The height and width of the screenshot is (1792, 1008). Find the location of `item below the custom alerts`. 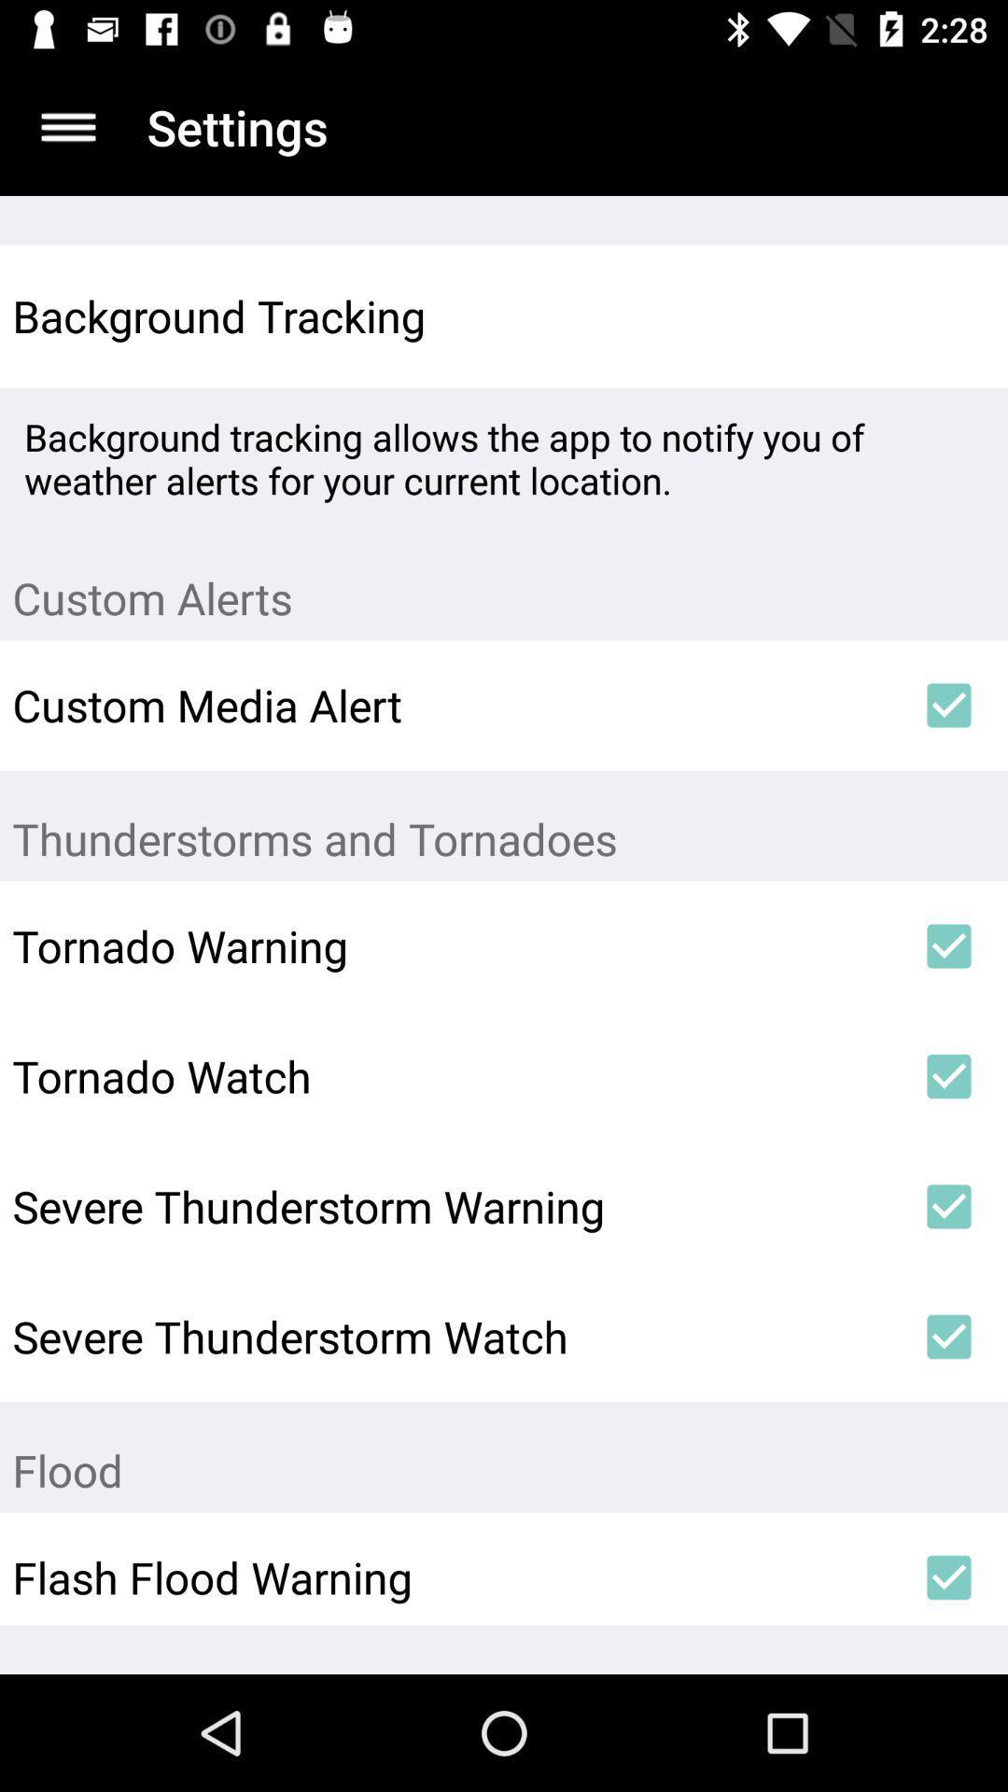

item below the custom alerts is located at coordinates (949, 704).